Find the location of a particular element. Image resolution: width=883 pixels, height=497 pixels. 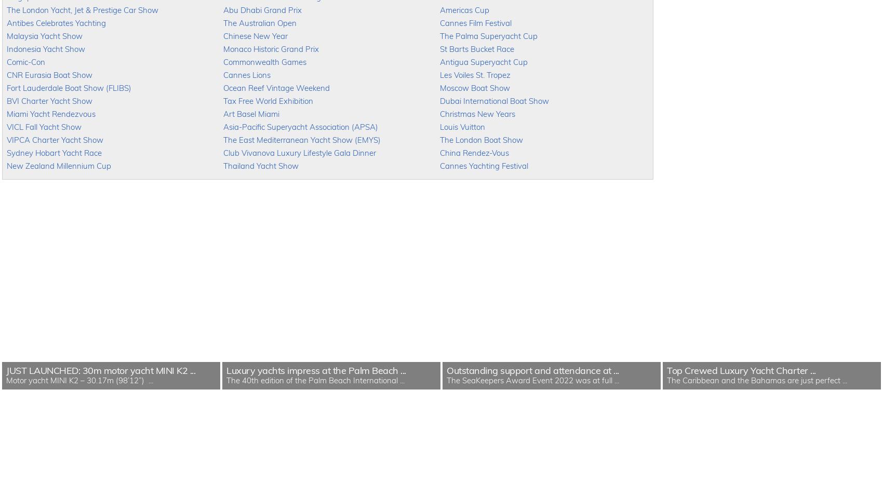

'Fort Lauderdale Boat Show (FLIBS)' is located at coordinates (68, 88).